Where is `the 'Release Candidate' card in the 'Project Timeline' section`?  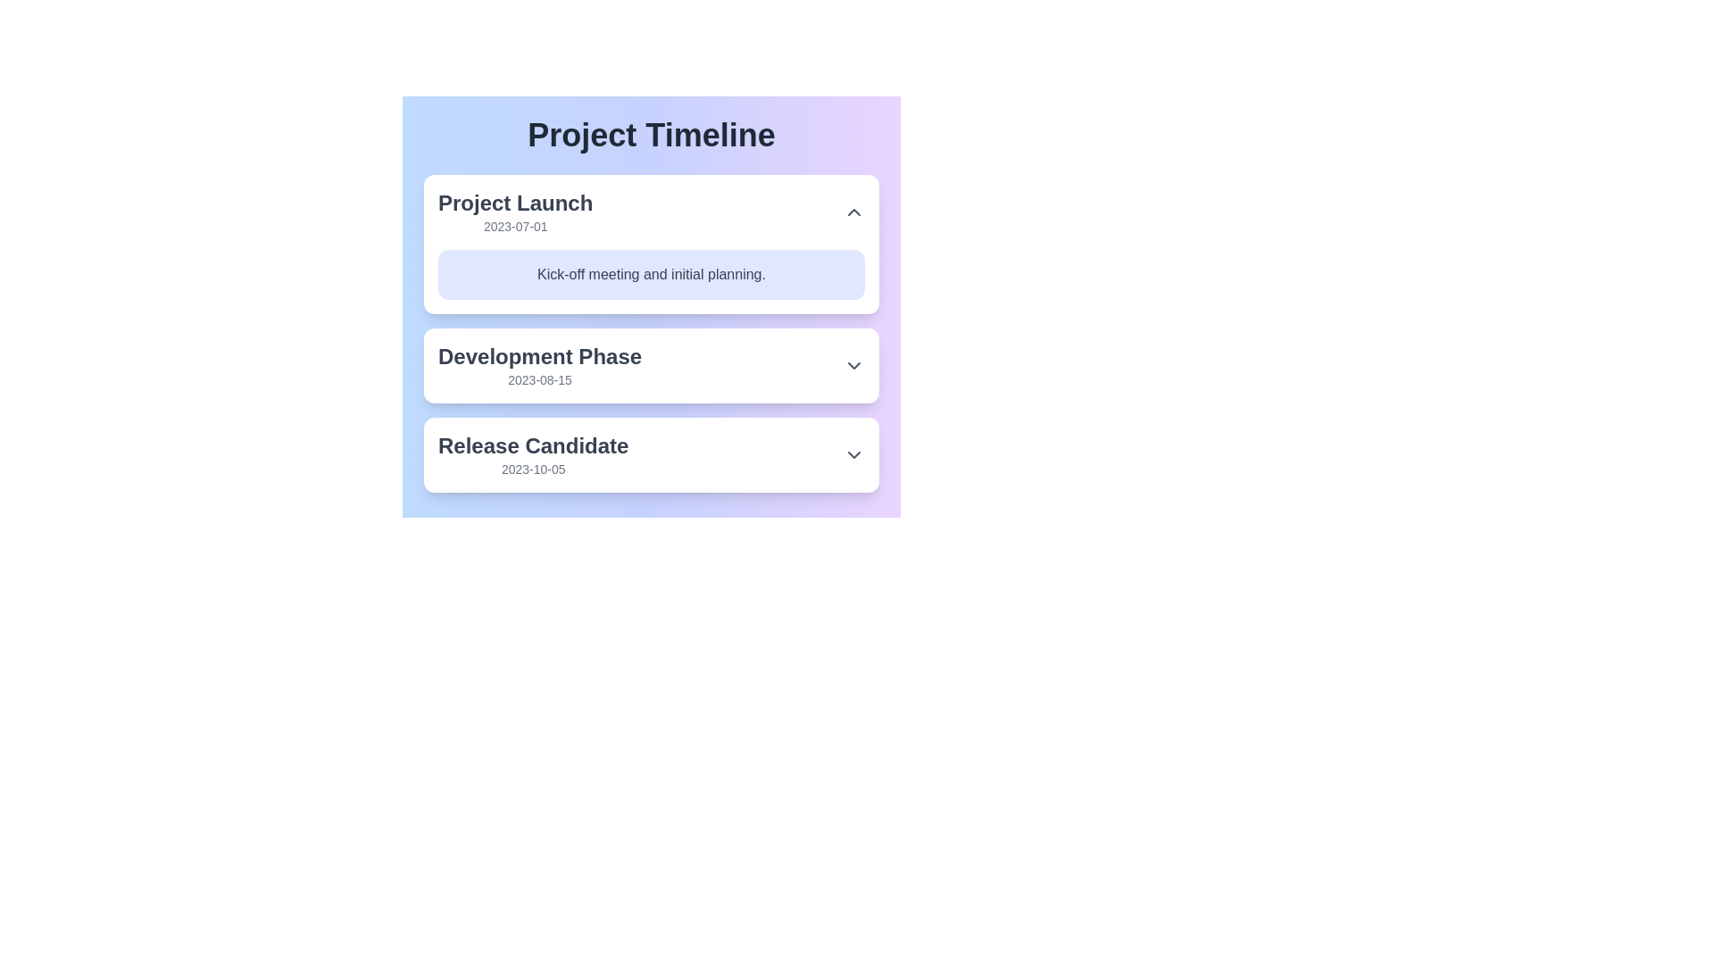
the 'Release Candidate' card in the 'Project Timeline' section is located at coordinates (650, 453).